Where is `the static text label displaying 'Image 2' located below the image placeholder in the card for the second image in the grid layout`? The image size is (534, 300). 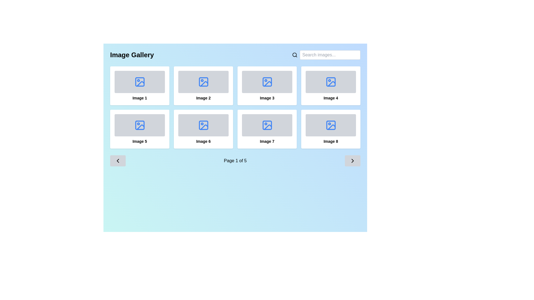
the static text label displaying 'Image 2' located below the image placeholder in the card for the second image in the grid layout is located at coordinates (203, 98).